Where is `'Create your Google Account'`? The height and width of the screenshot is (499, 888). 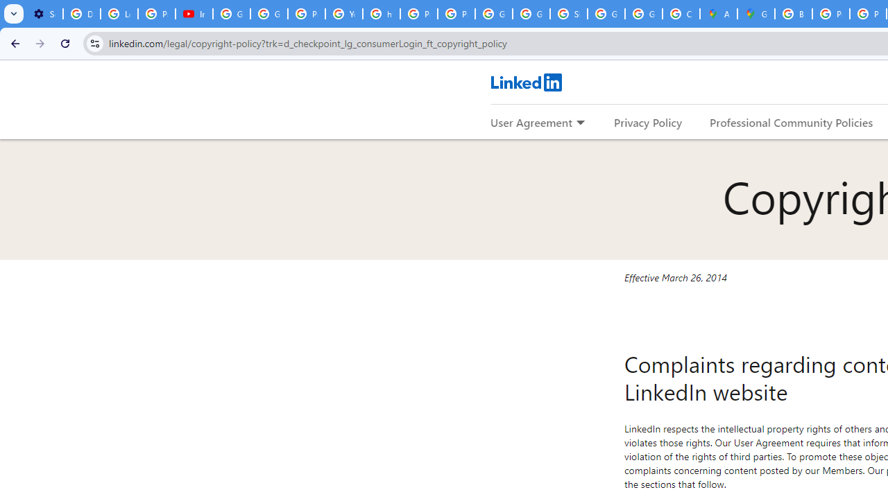
'Create your Google Account' is located at coordinates (681, 14).